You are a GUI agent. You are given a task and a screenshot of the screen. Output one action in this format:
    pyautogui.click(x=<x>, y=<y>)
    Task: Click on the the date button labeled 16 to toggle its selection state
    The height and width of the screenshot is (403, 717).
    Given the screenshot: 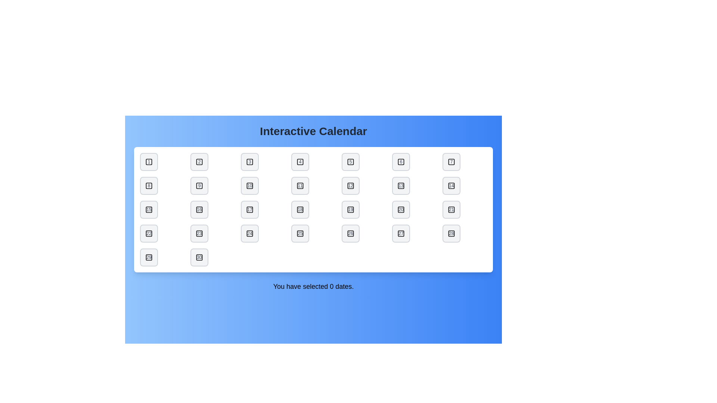 What is the action you would take?
    pyautogui.click(x=199, y=210)
    